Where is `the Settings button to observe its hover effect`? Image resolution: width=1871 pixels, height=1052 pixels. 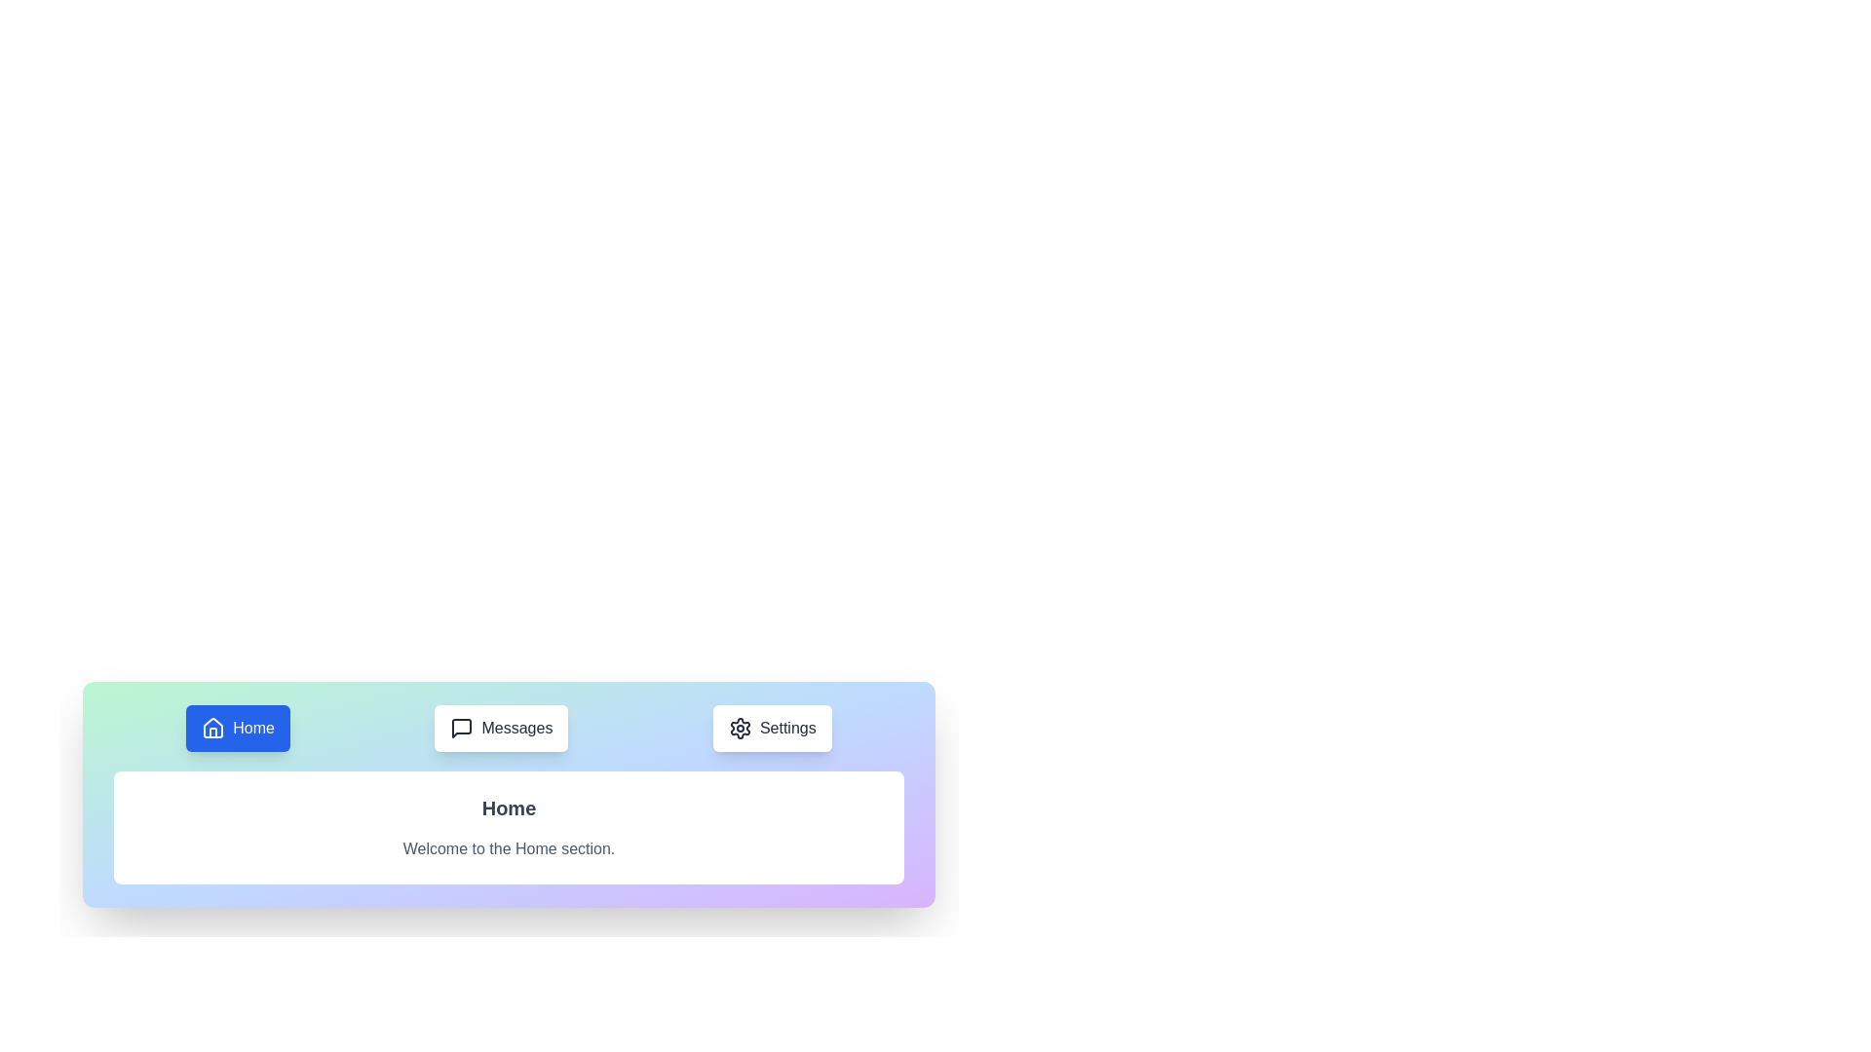 the Settings button to observe its hover effect is located at coordinates (771, 729).